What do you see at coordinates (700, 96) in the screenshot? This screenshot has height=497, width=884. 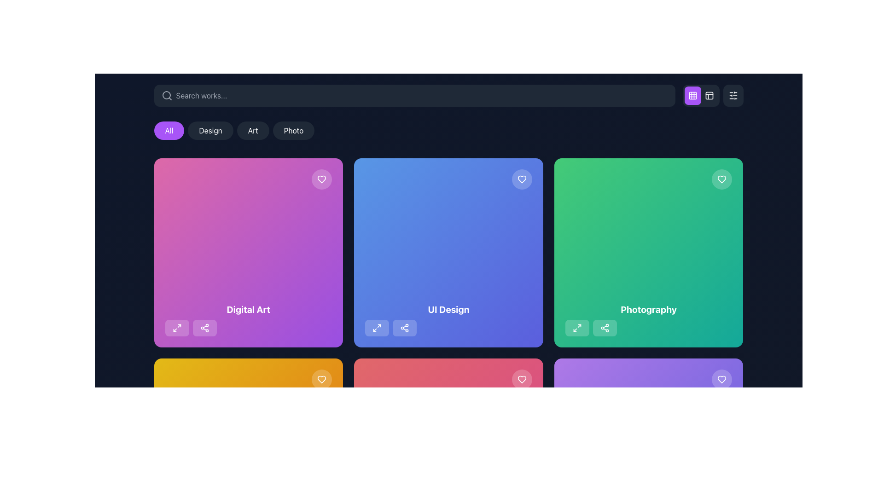 I see `the button with a purple background and white grid-like icon` at bounding box center [700, 96].